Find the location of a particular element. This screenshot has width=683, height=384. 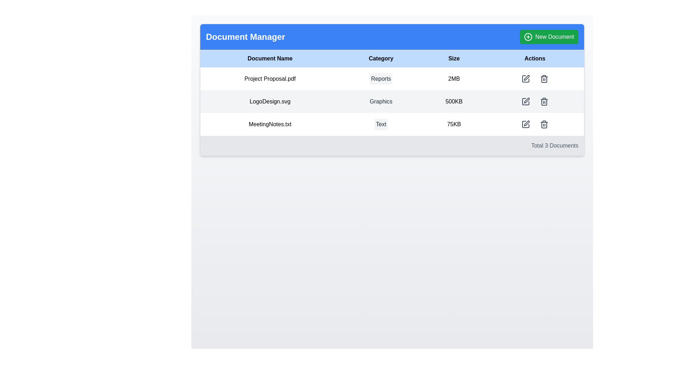

the static text label reading 'Actions', which is styled in bold black text against a light blue background, located at the far right of the header row in the table layout is located at coordinates (535, 58).